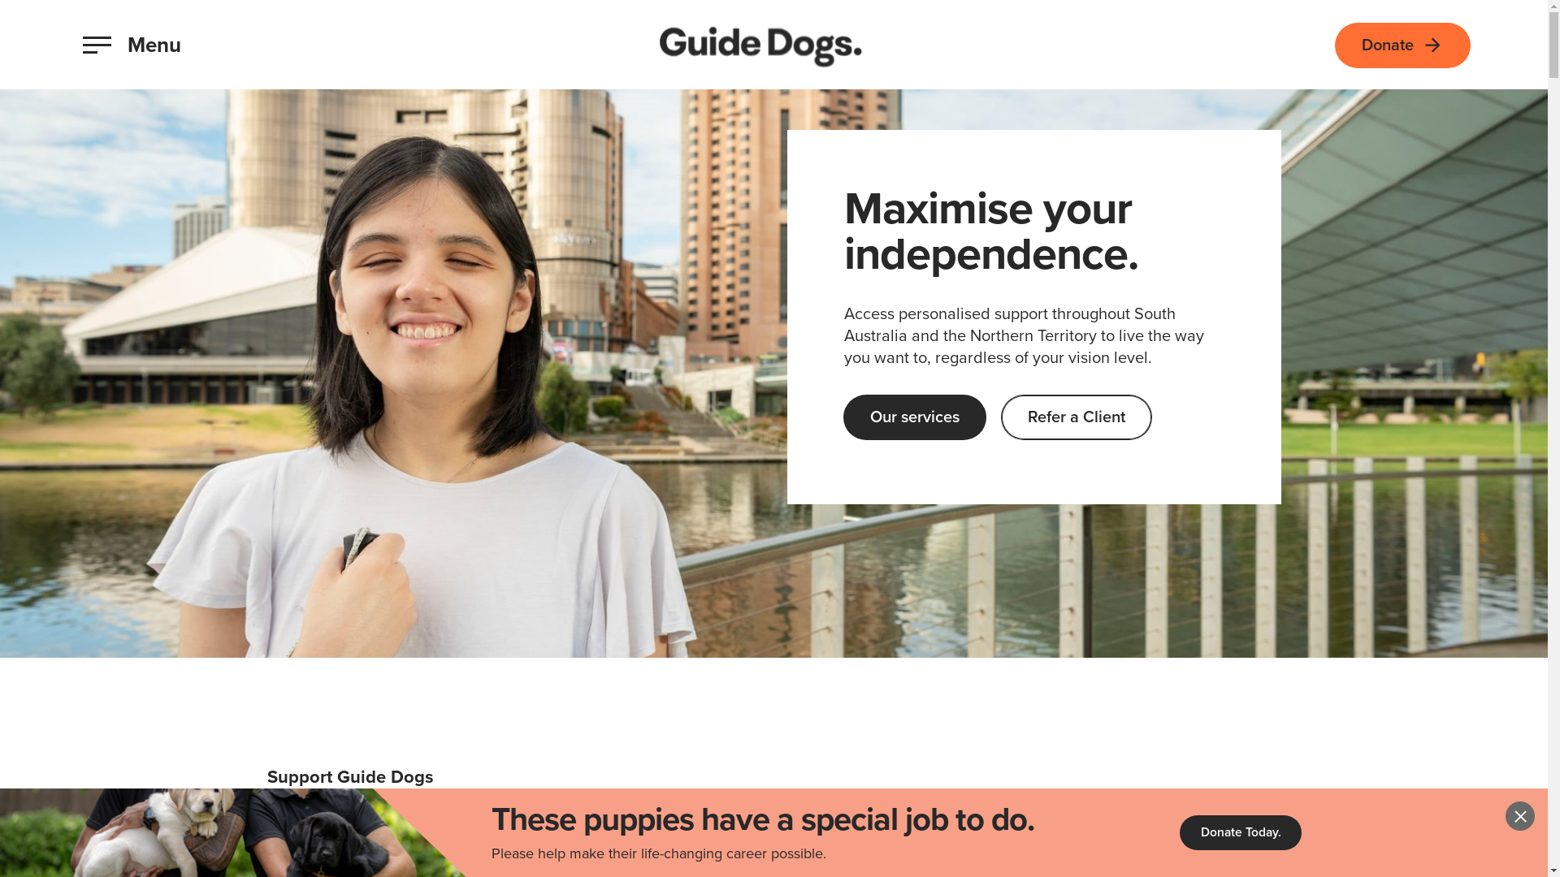 This screenshot has height=877, width=1560. Describe the element at coordinates (132, 45) in the screenshot. I see `'Menu'` at that location.